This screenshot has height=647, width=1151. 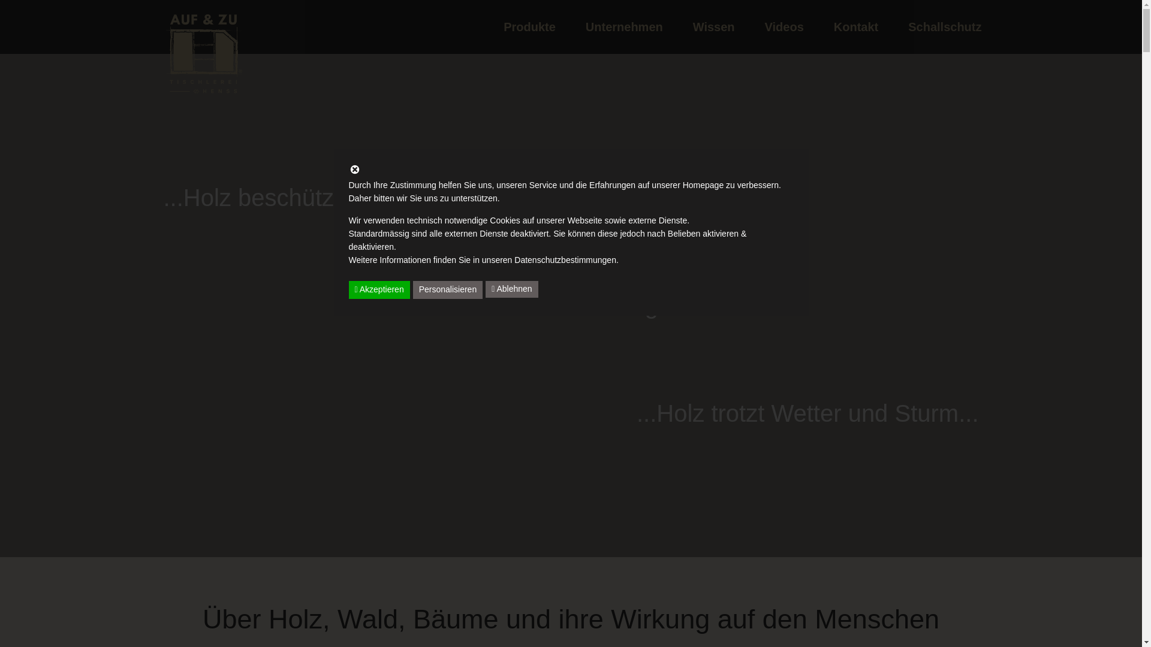 What do you see at coordinates (749, 27) in the screenshot?
I see `'Videos'` at bounding box center [749, 27].